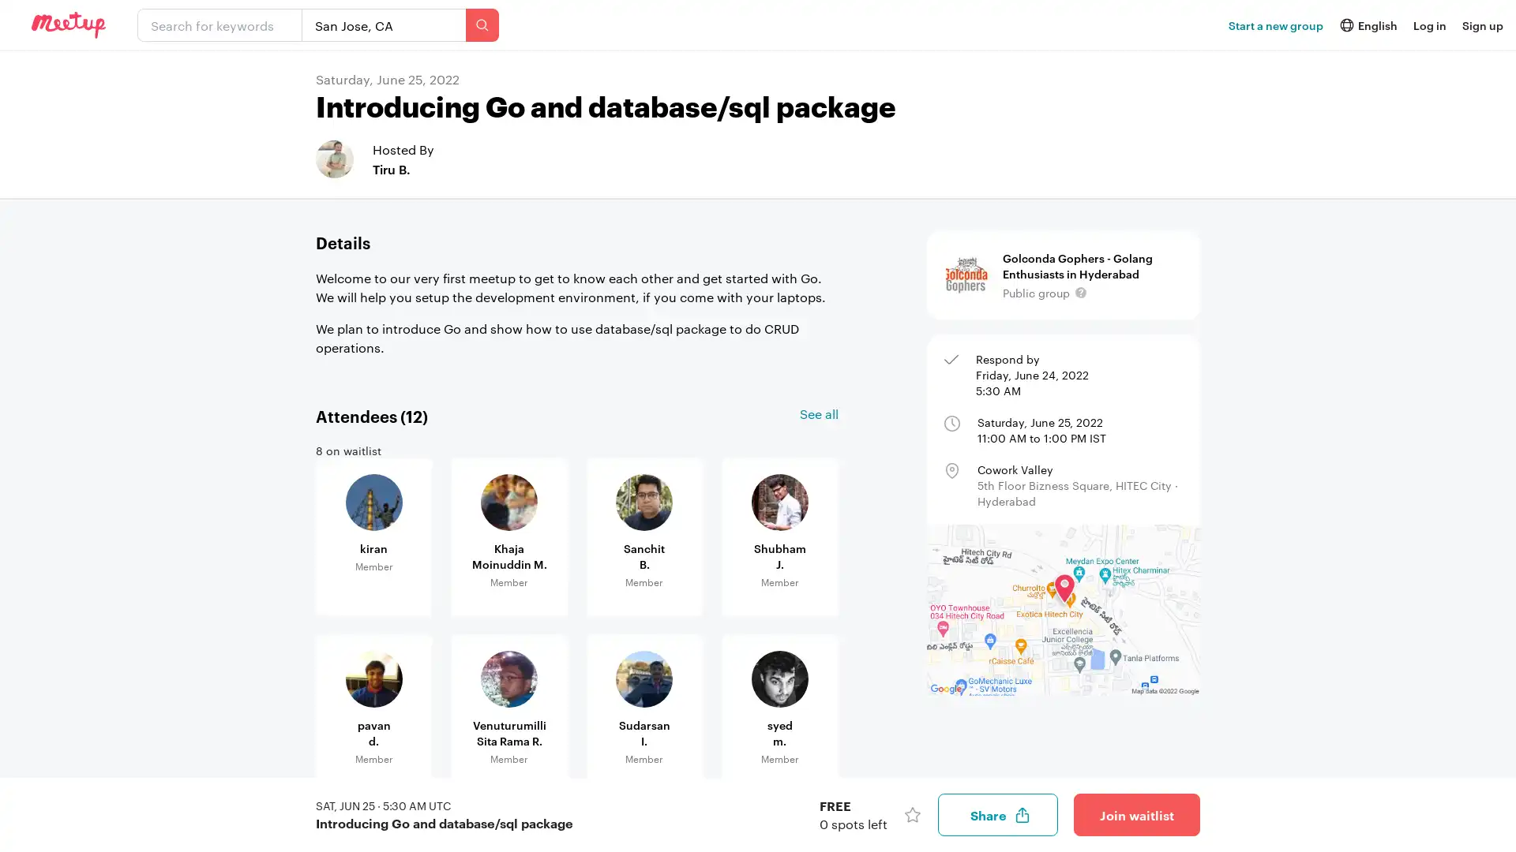 The image size is (1516, 852). I want to click on Share event, so click(996, 815).